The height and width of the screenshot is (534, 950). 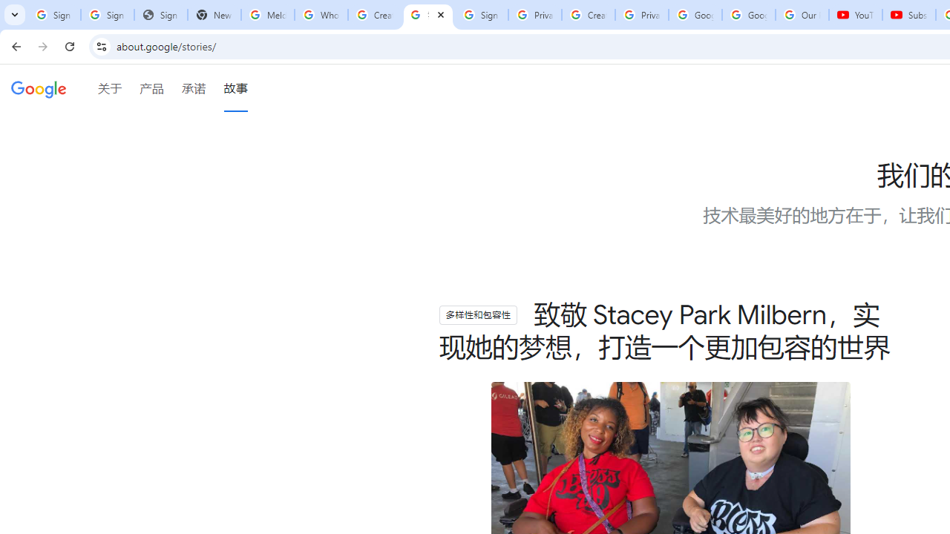 What do you see at coordinates (39, 90) in the screenshot?
I see `'Google'` at bounding box center [39, 90].